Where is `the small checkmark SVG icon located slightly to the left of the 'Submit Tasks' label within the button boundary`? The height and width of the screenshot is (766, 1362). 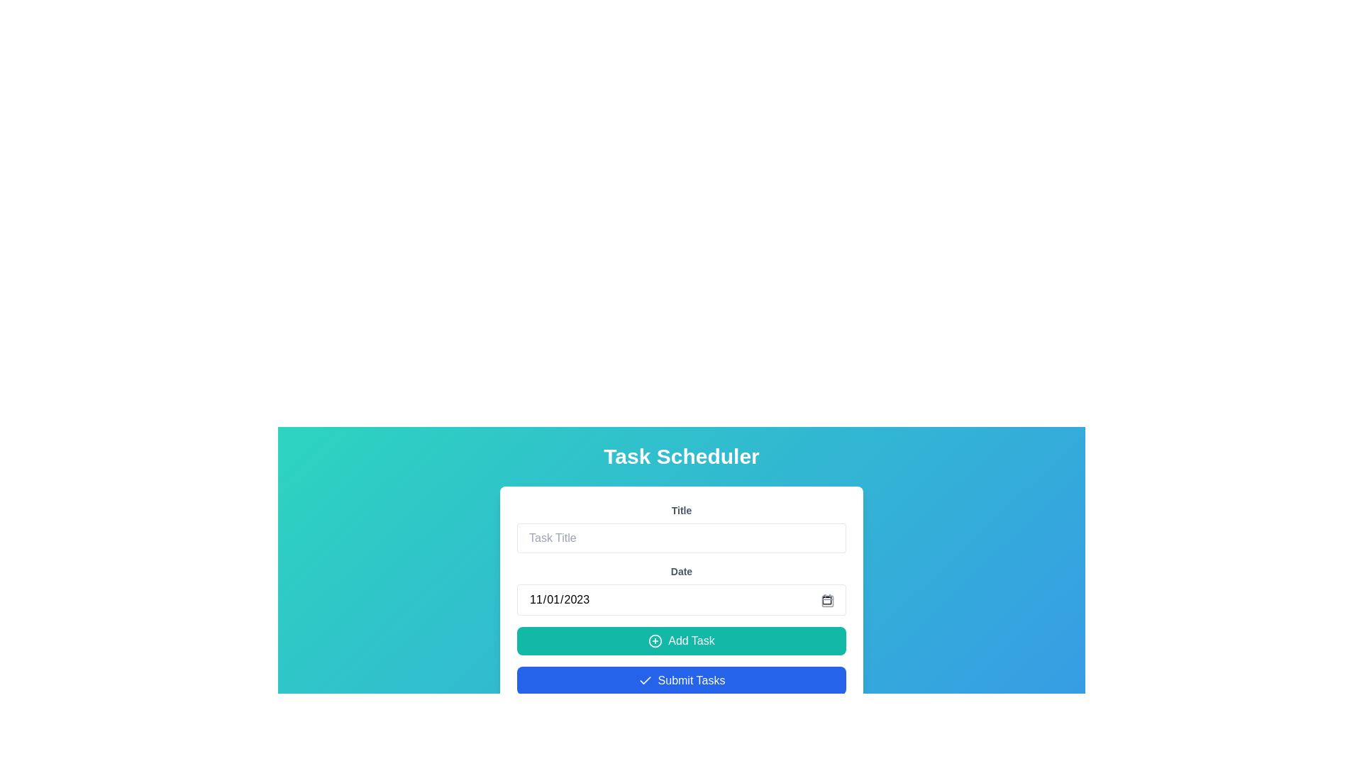
the small checkmark SVG icon located slightly to the left of the 'Submit Tasks' label within the button boundary is located at coordinates (644, 680).